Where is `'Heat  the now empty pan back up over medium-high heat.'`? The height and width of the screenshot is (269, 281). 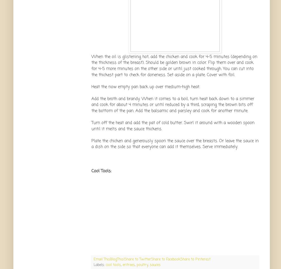
'Heat  the now empty pan back up over medium-high heat.' is located at coordinates (146, 86).